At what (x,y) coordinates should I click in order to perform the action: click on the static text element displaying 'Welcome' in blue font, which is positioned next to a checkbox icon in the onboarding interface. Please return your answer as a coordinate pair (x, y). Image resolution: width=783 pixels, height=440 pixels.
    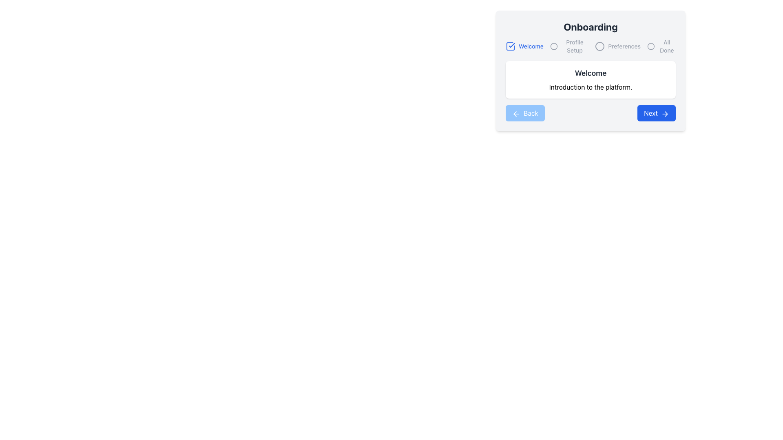
    Looking at the image, I should click on (531, 46).